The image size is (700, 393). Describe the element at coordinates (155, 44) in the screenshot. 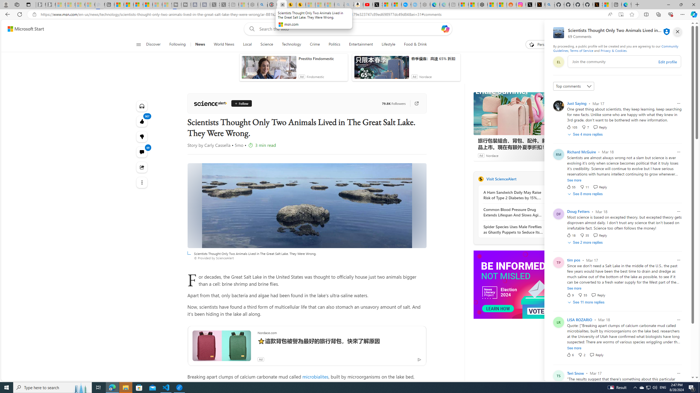

I see `'Discover'` at that location.